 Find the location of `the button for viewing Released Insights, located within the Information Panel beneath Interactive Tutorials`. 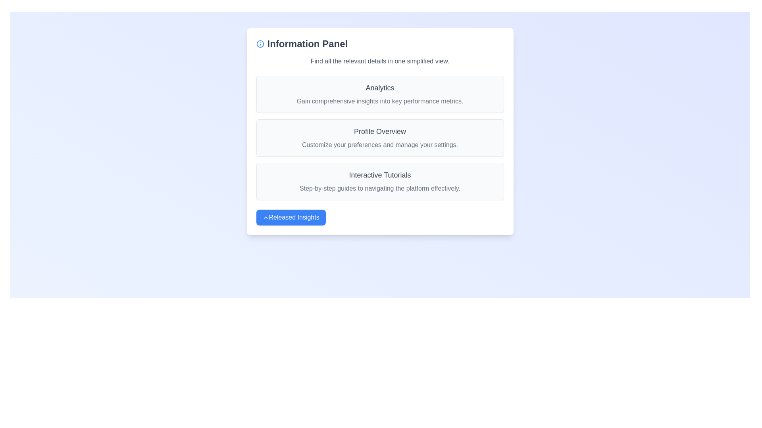

the button for viewing Released Insights, located within the Information Panel beneath Interactive Tutorials is located at coordinates (291, 217).